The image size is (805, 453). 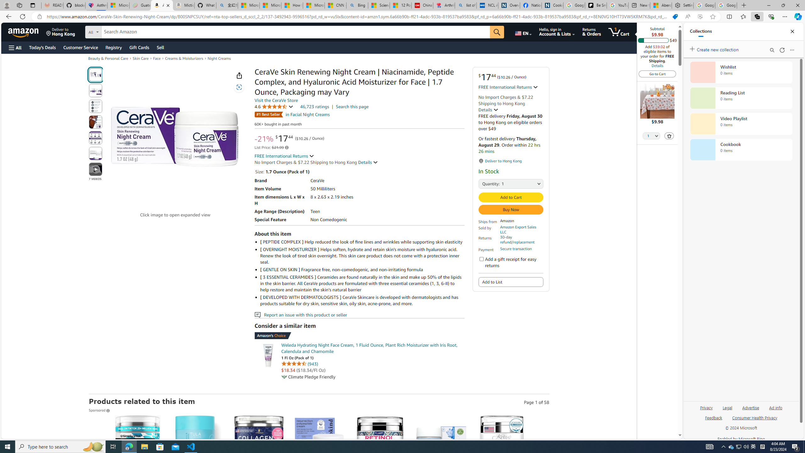 I want to click on 'Deliver to Hong Kong', so click(x=60, y=31).